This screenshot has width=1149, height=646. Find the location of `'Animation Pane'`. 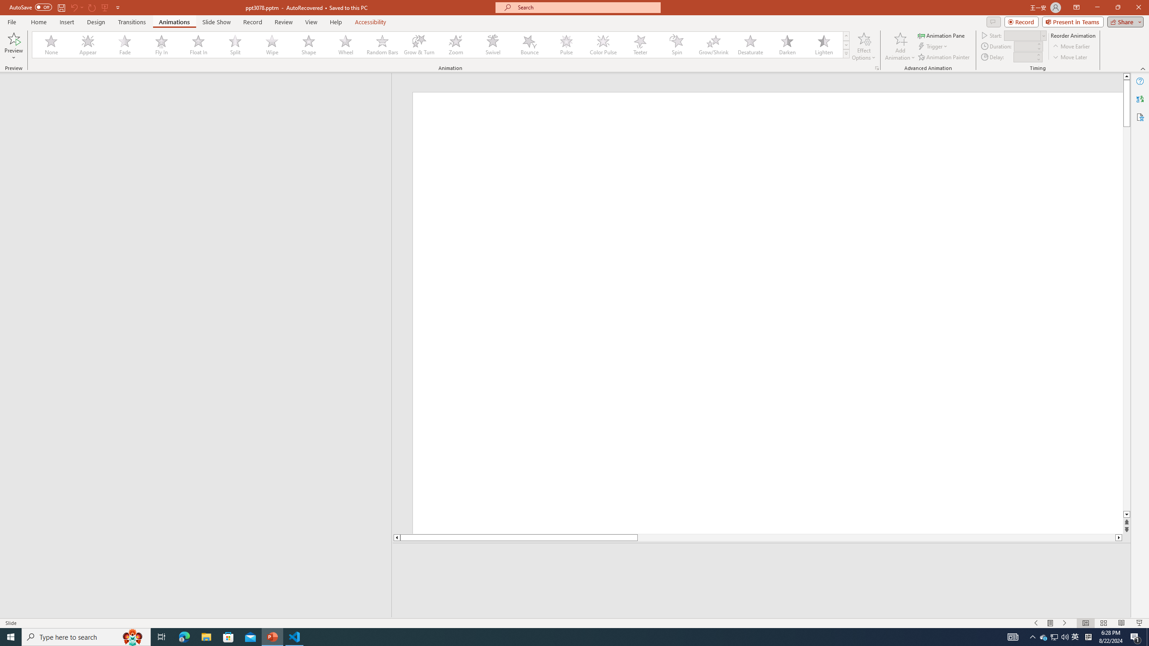

'Animation Pane' is located at coordinates (942, 35).